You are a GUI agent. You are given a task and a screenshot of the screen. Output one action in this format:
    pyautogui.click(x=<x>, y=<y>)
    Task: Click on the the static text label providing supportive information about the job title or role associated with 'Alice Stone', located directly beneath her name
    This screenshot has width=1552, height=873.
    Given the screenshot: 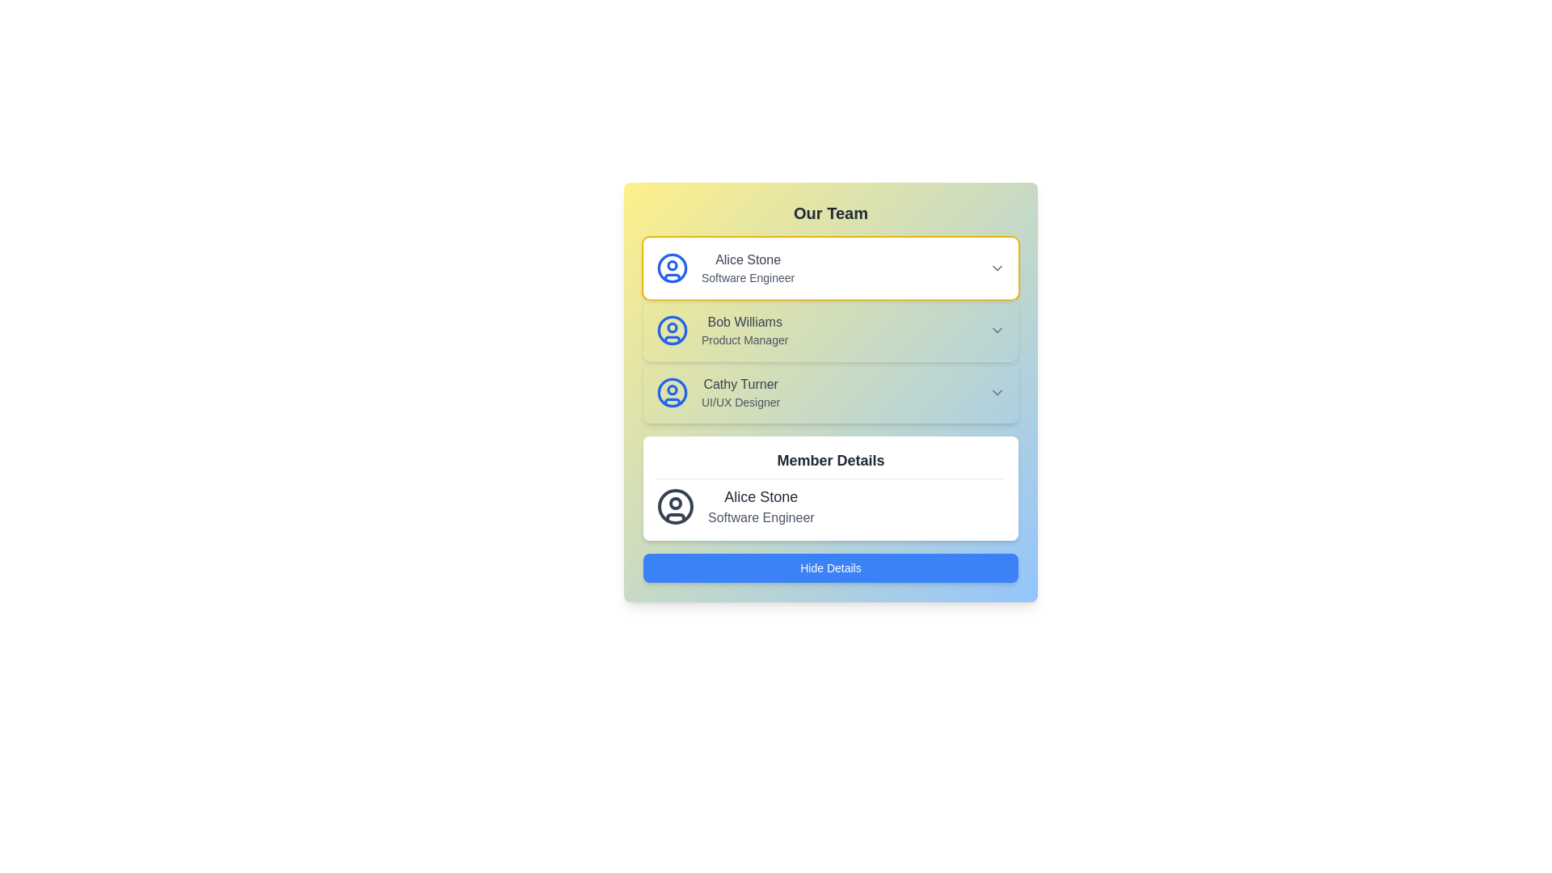 What is the action you would take?
    pyautogui.click(x=747, y=276)
    